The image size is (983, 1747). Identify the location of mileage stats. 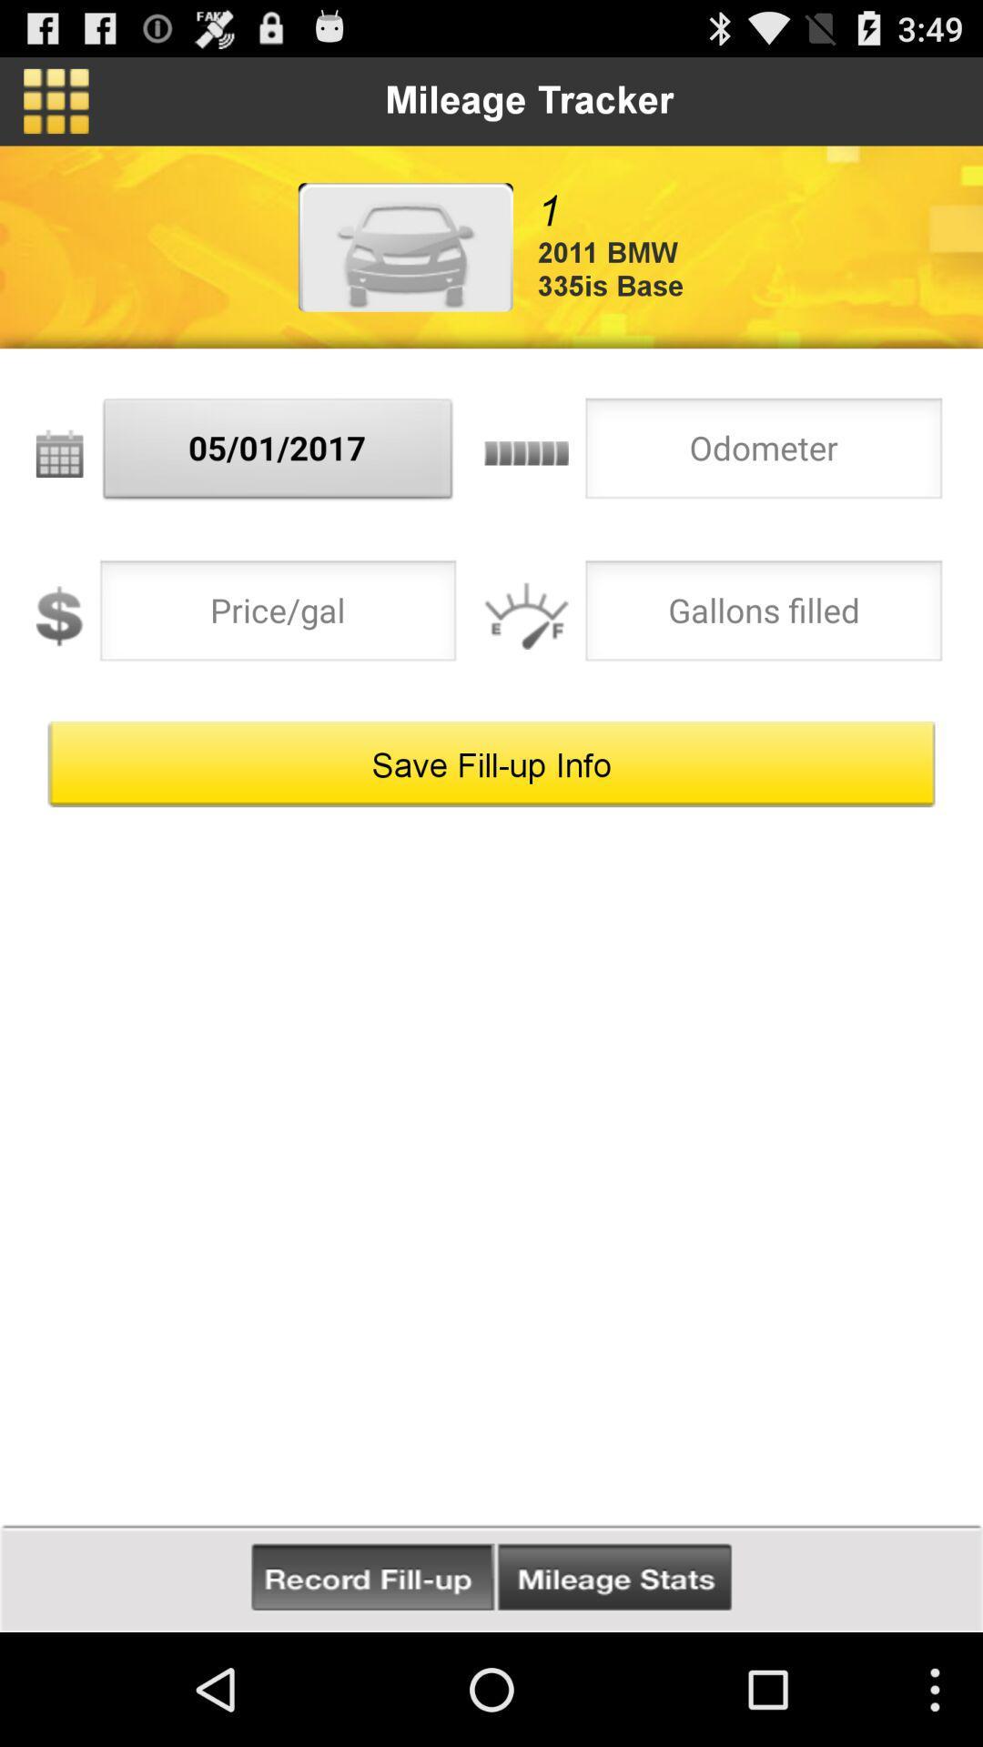
(614, 1577).